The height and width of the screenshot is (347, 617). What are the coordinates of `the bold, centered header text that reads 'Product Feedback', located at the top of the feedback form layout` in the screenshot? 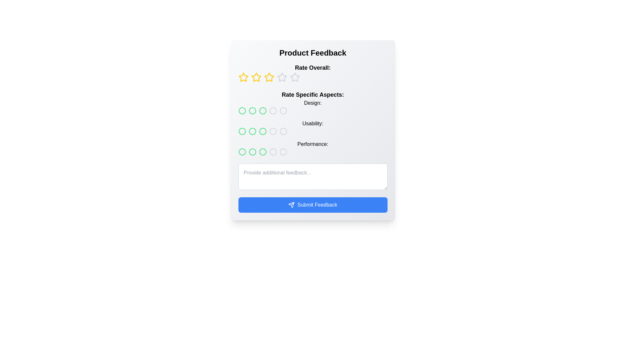 It's located at (313, 53).